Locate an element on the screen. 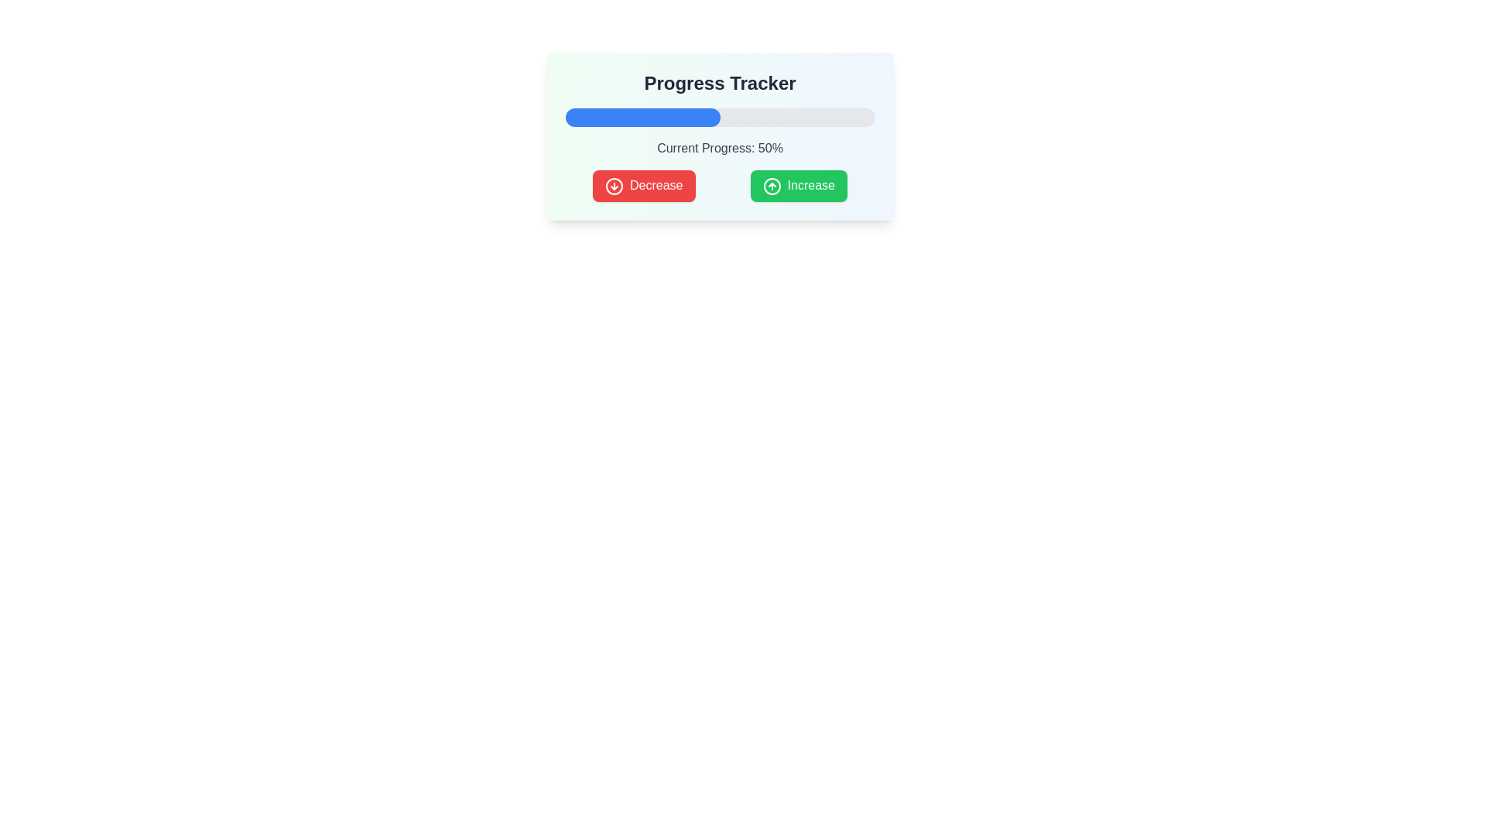  the 'Increase' button icon, which is a circular component with a green outline and an upward arrow inside, located below the 'Progress Tracker' header is located at coordinates (772, 185).